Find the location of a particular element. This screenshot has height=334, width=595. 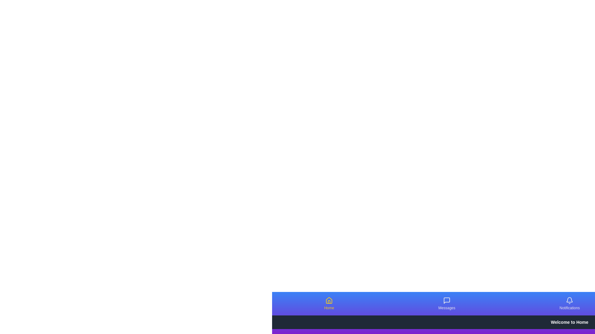

the Home tab in the navigation bar is located at coordinates (329, 303).